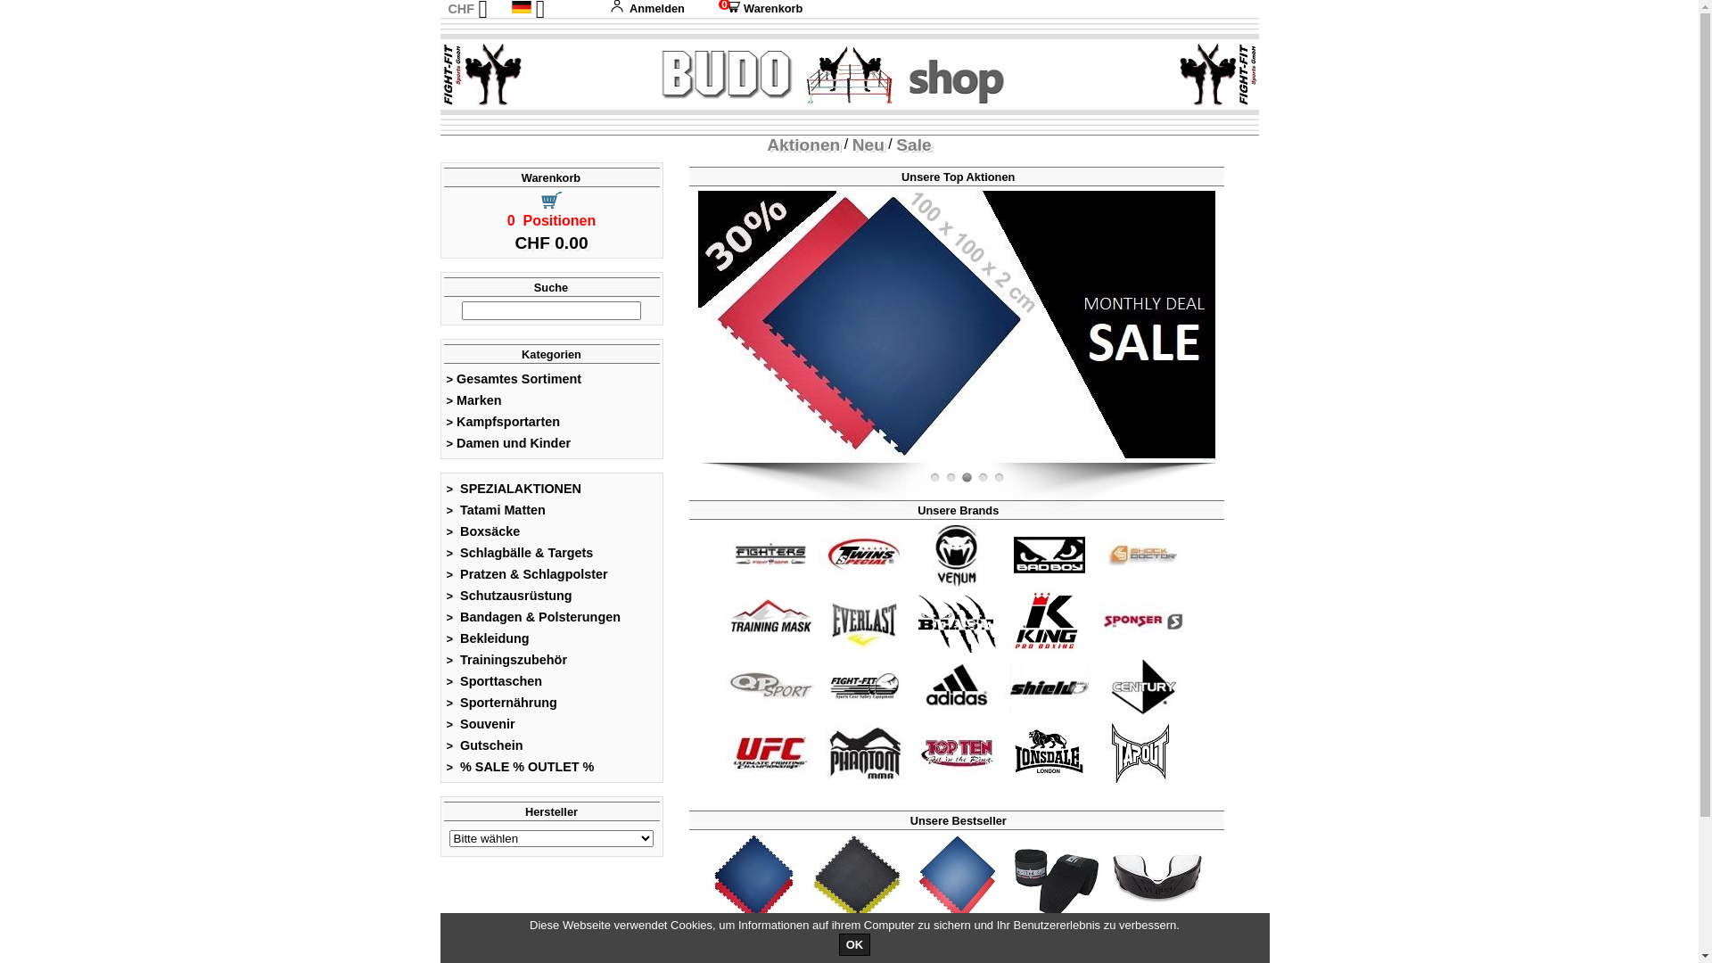 Image resolution: width=1712 pixels, height=963 pixels. I want to click on 'Neu', so click(868, 144).